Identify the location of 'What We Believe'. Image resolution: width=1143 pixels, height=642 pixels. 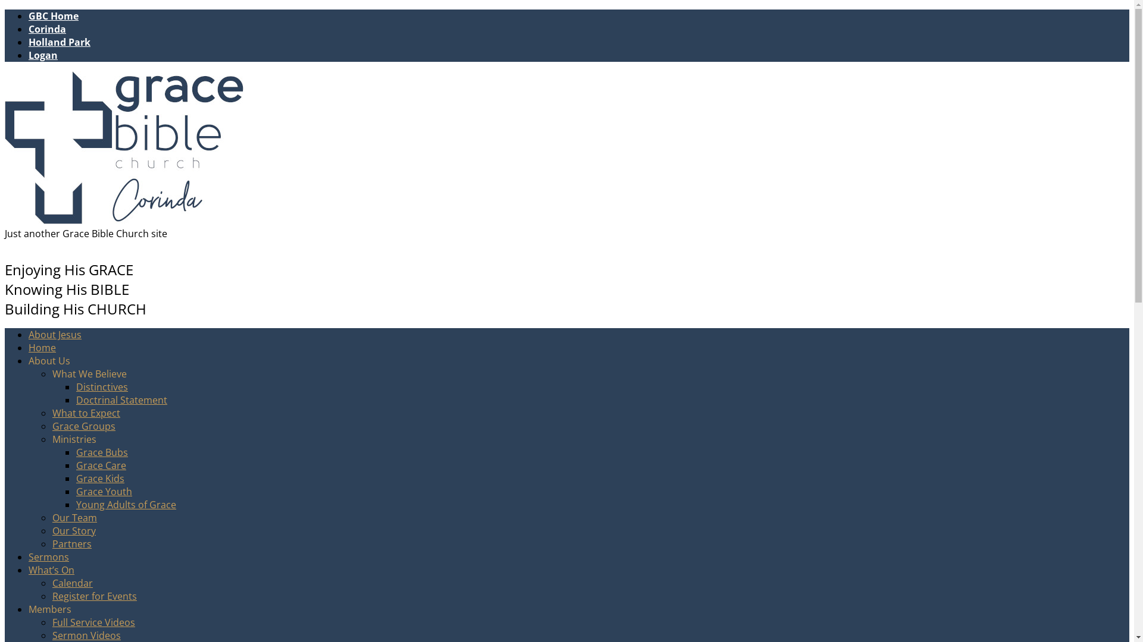
(51, 373).